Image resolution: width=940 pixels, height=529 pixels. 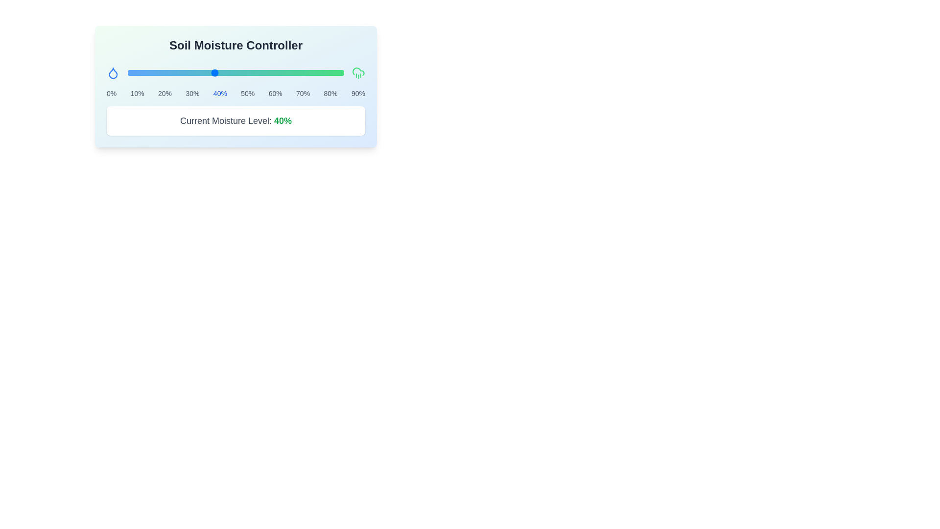 I want to click on the moisture level to 0% using the slider, so click(x=127, y=72).